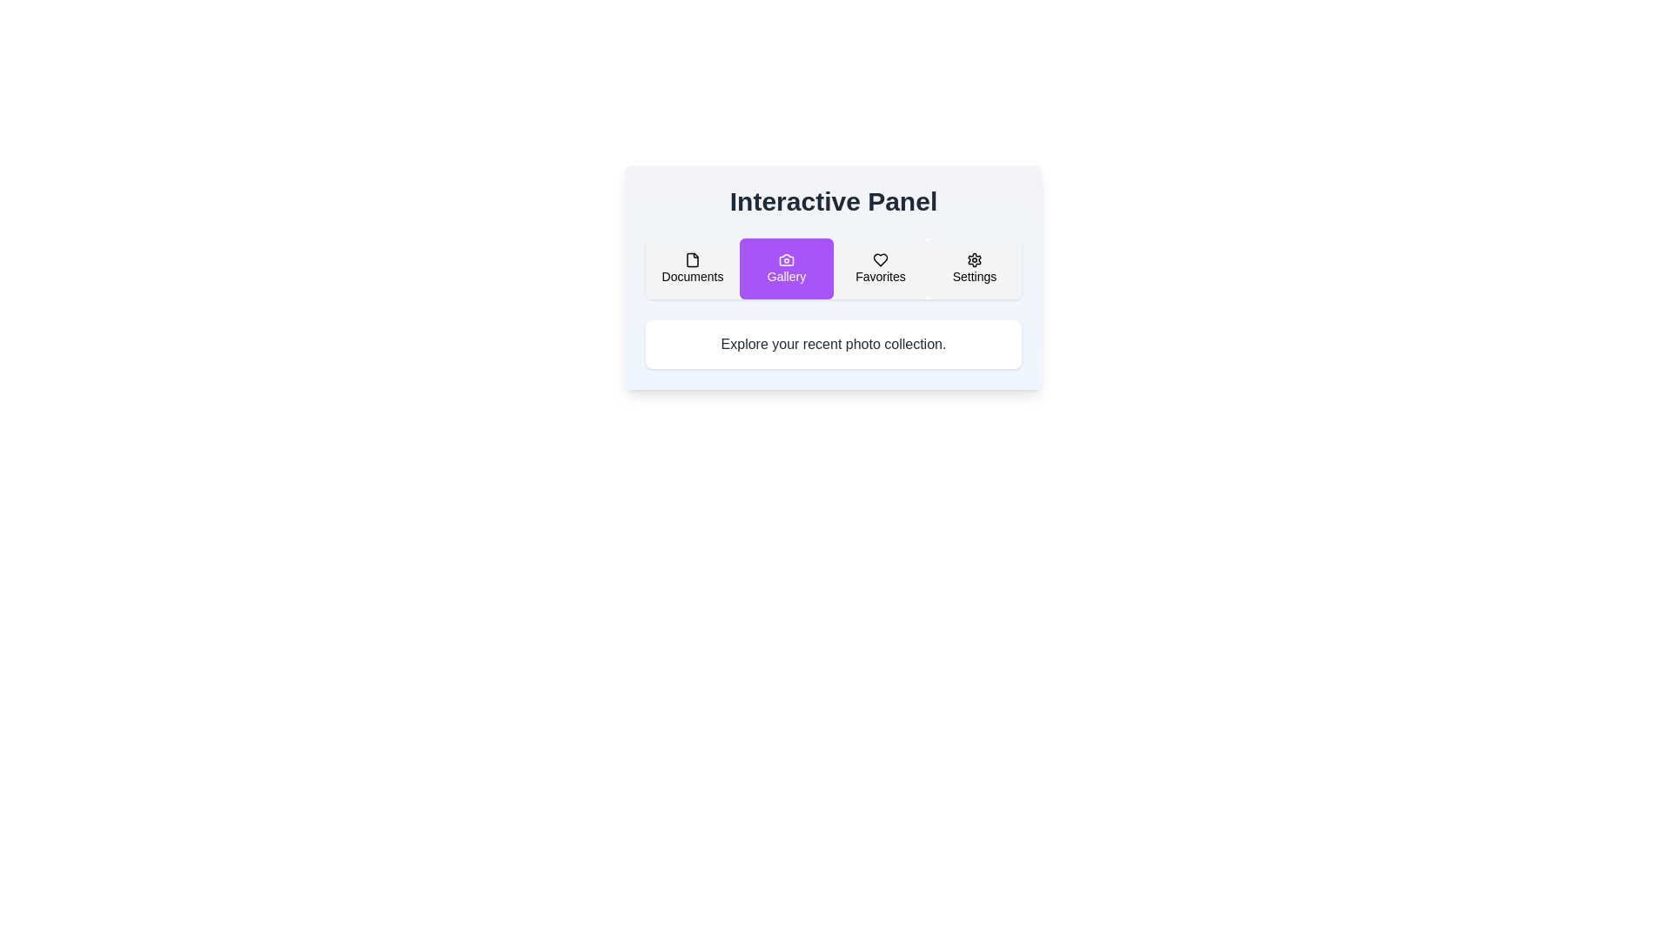  Describe the element at coordinates (881, 260) in the screenshot. I see `the 'Favorites' icon, which is the third icon from the left in the top row of the interactive panel, used for bookmarking or saving items` at that location.